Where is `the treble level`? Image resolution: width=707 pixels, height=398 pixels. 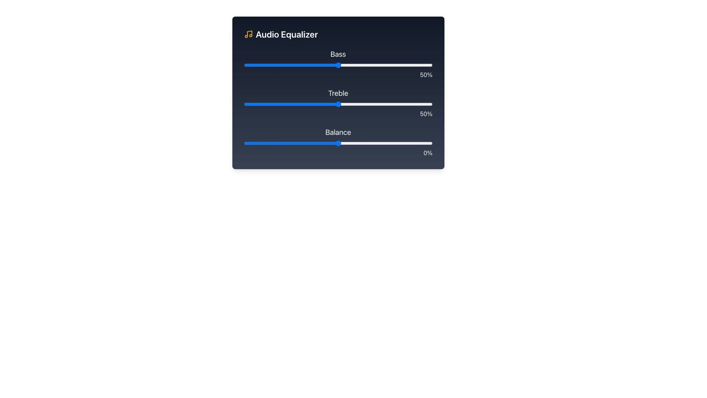
the treble level is located at coordinates (360, 104).